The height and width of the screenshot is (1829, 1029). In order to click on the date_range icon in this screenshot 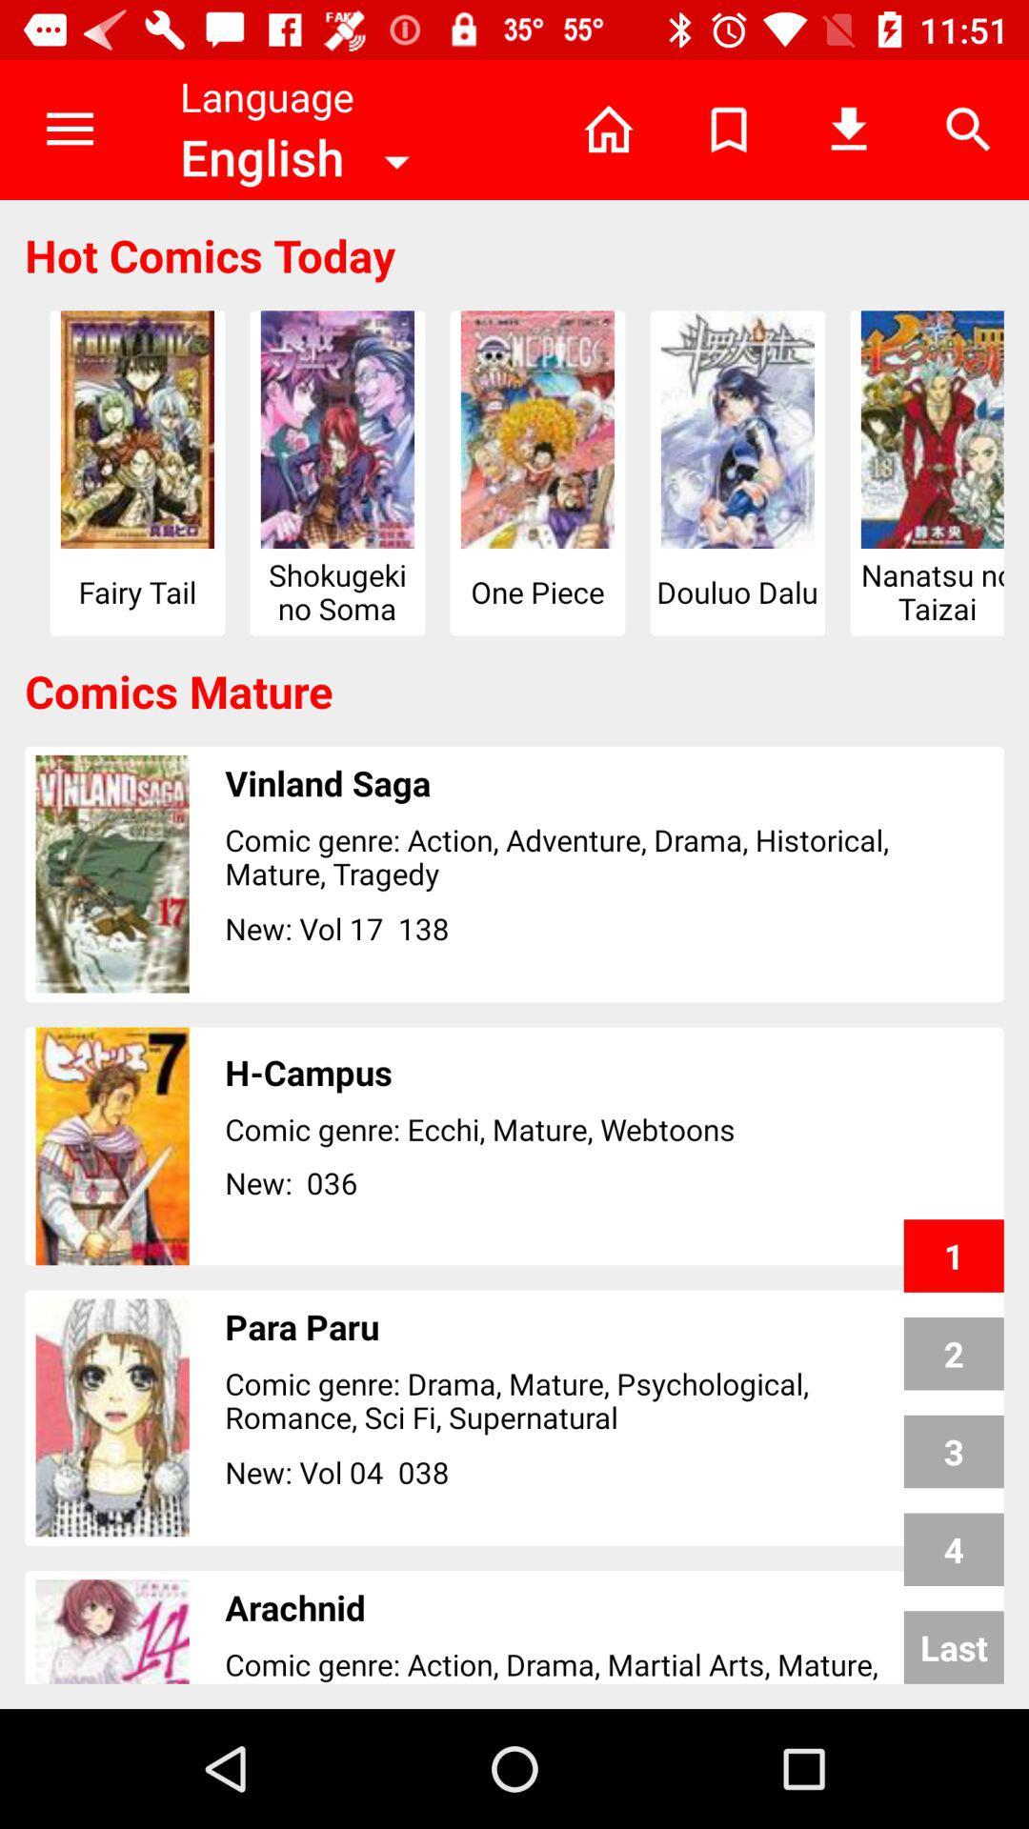, I will do `click(958, 1638)`.